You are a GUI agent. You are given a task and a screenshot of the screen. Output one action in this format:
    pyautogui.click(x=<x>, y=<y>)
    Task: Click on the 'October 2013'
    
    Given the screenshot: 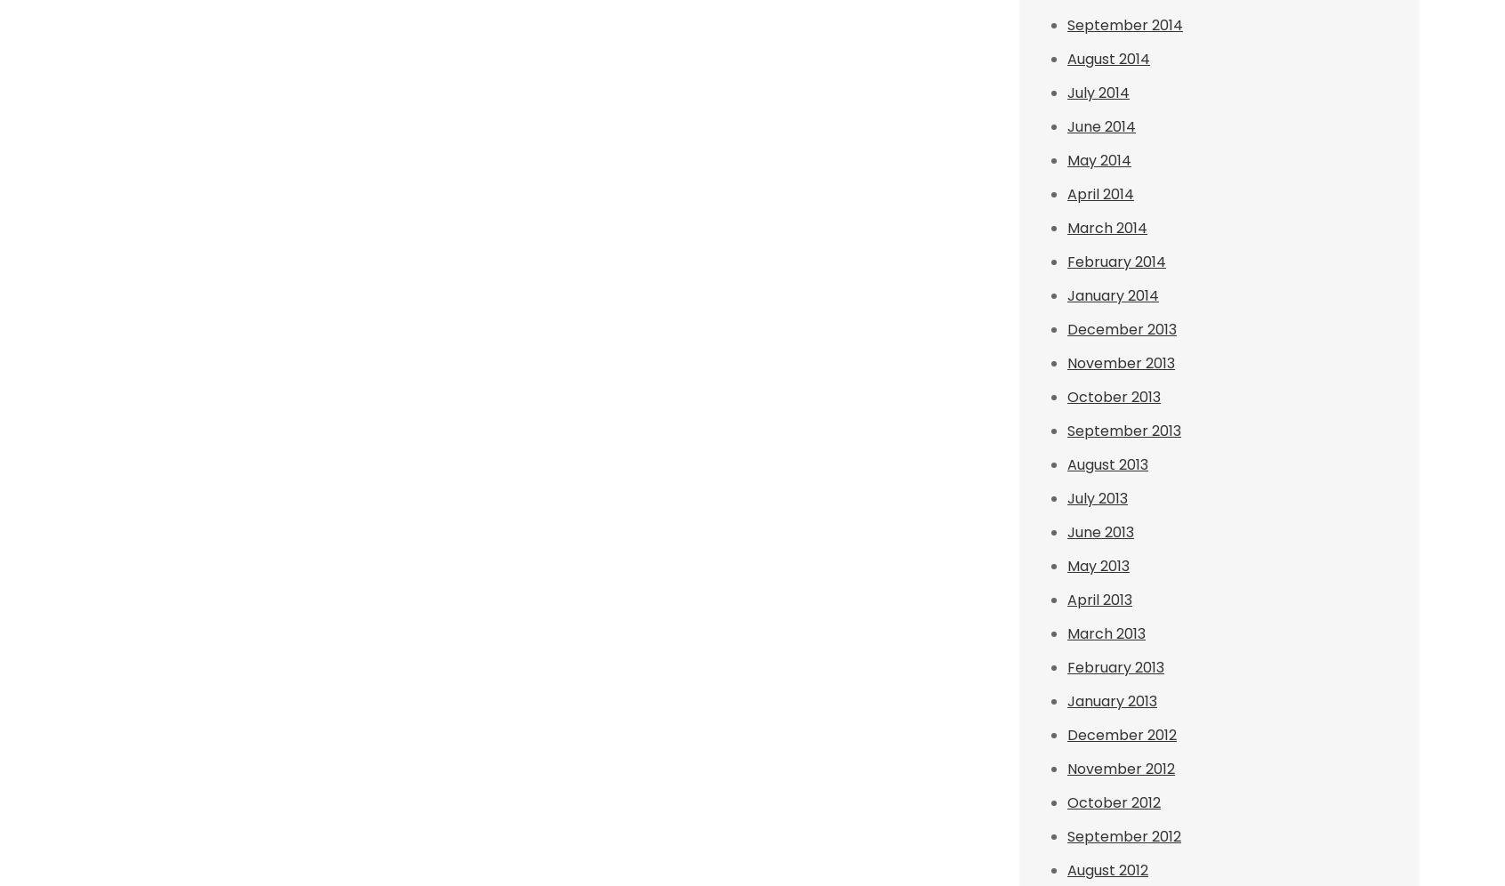 What is the action you would take?
    pyautogui.click(x=1066, y=397)
    